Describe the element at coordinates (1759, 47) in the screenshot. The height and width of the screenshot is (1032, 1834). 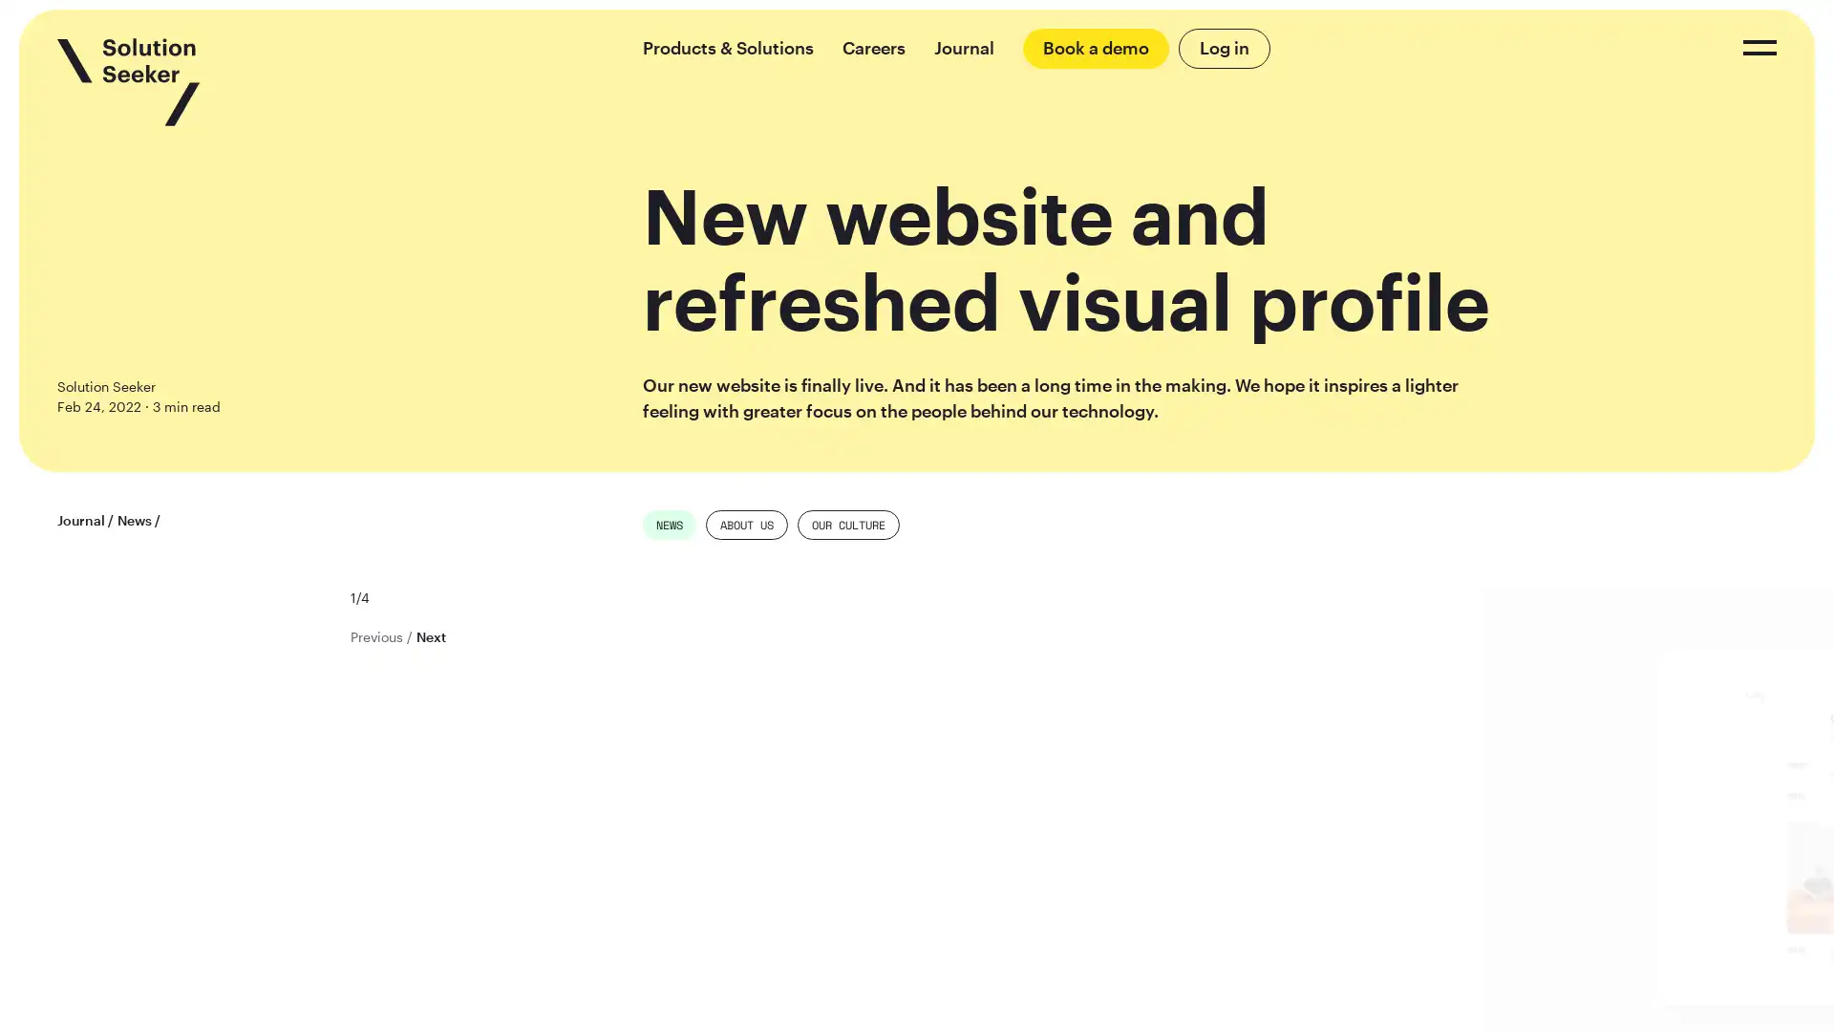
I see `Click to toggle the menu` at that location.